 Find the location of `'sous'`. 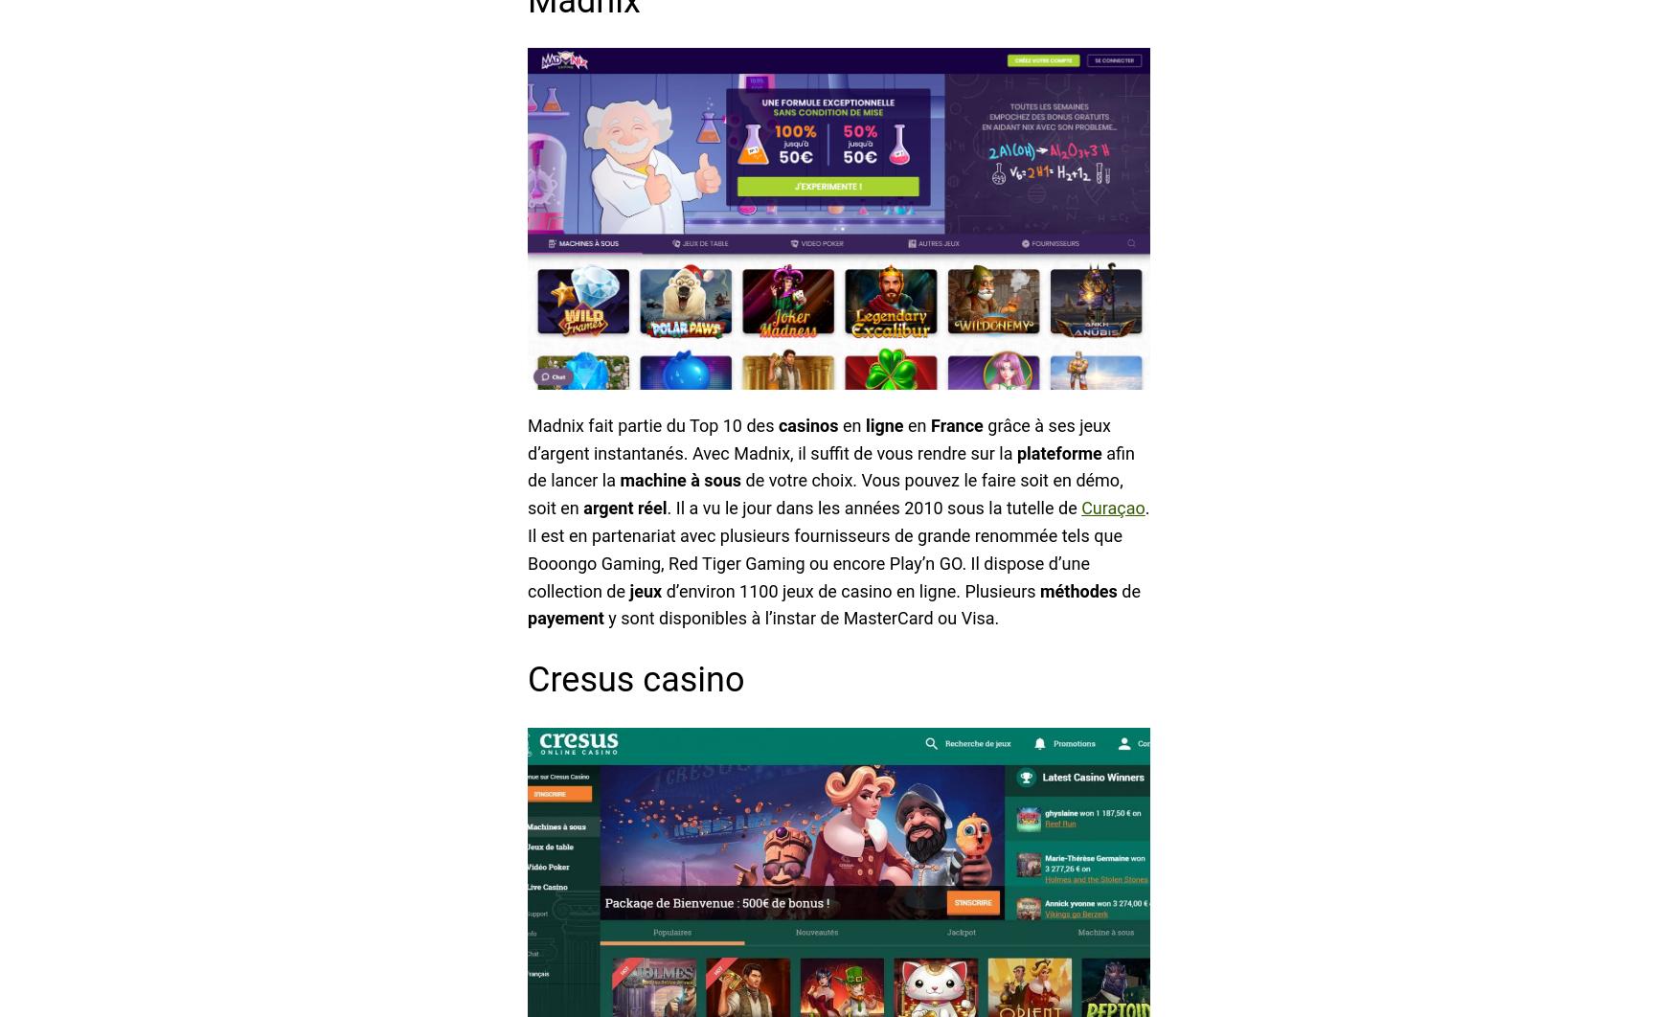

'sous' is located at coordinates (722, 479).